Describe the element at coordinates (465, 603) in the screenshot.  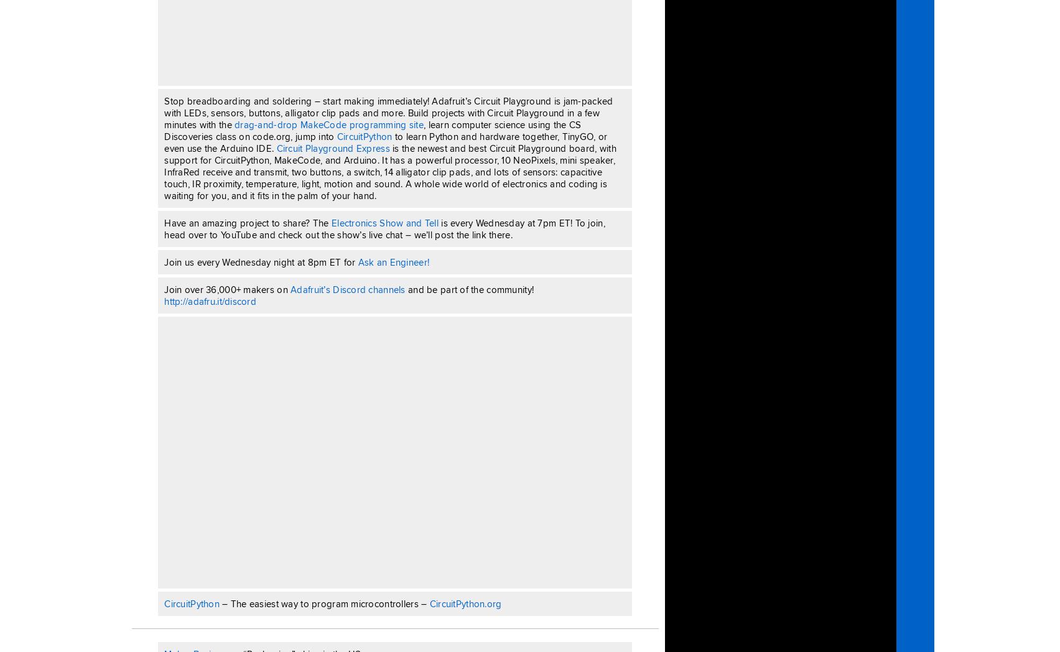
I see `'CircuitPython.org'` at that location.